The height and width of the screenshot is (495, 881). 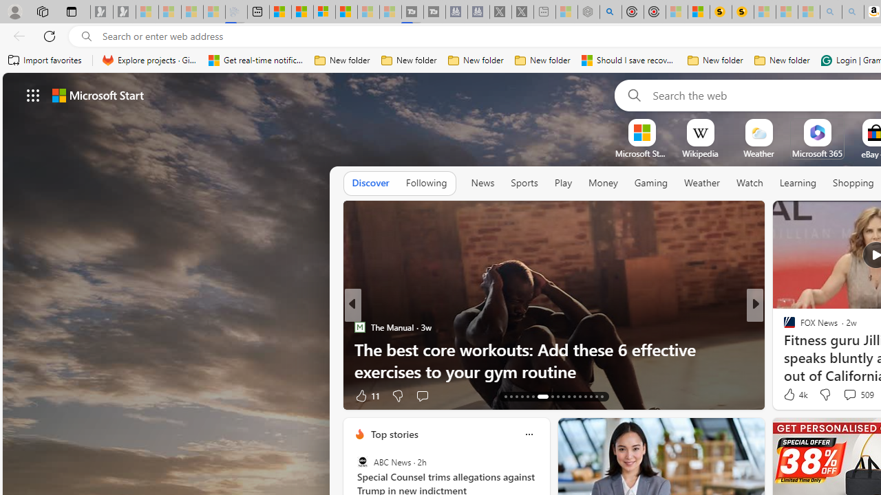 I want to click on 'Streaming Coverage | T3 - Sleeping', so click(x=412, y=12).